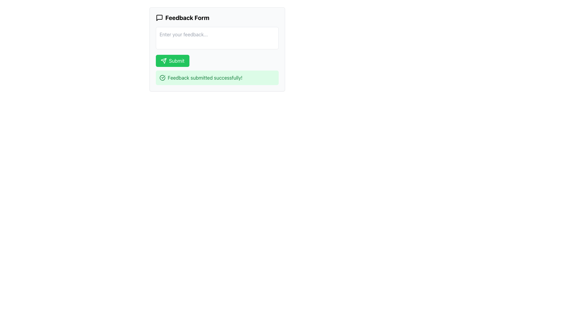 The image size is (581, 327). Describe the element at coordinates (172, 61) in the screenshot. I see `the submission button located directly below the feedback text input field` at that location.